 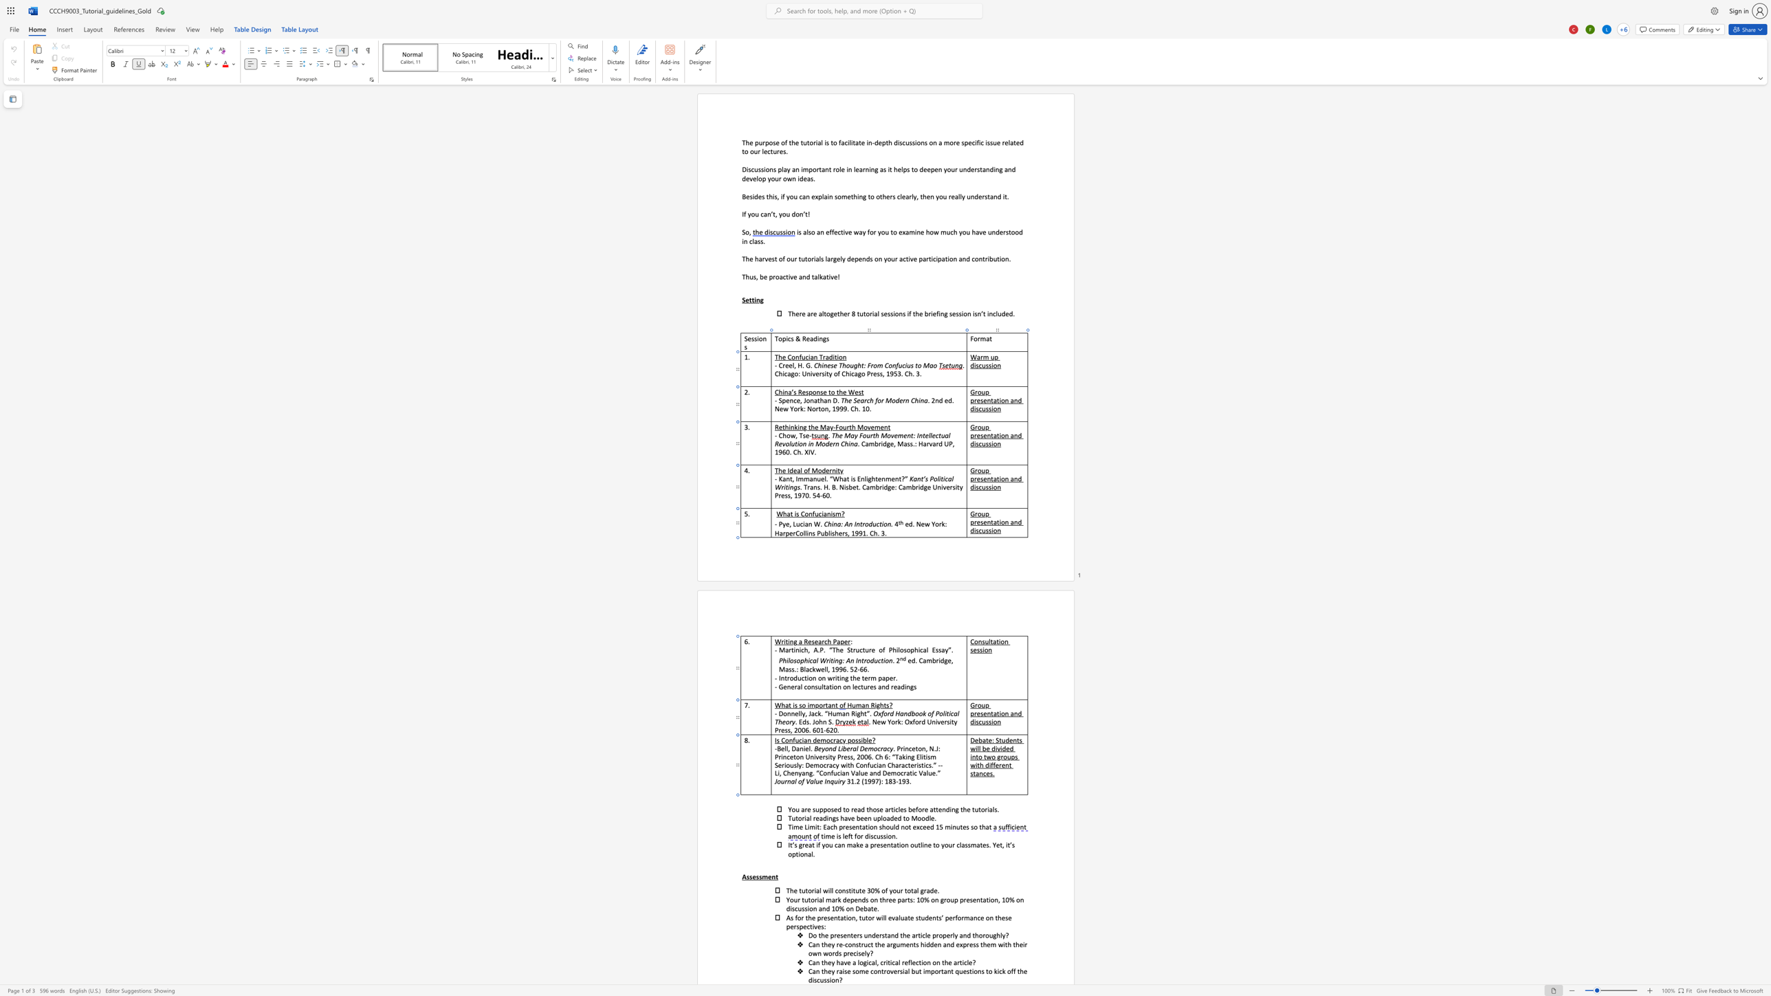 I want to click on the space between the continuous character "i" and "r" in the text, so click(x=839, y=781).